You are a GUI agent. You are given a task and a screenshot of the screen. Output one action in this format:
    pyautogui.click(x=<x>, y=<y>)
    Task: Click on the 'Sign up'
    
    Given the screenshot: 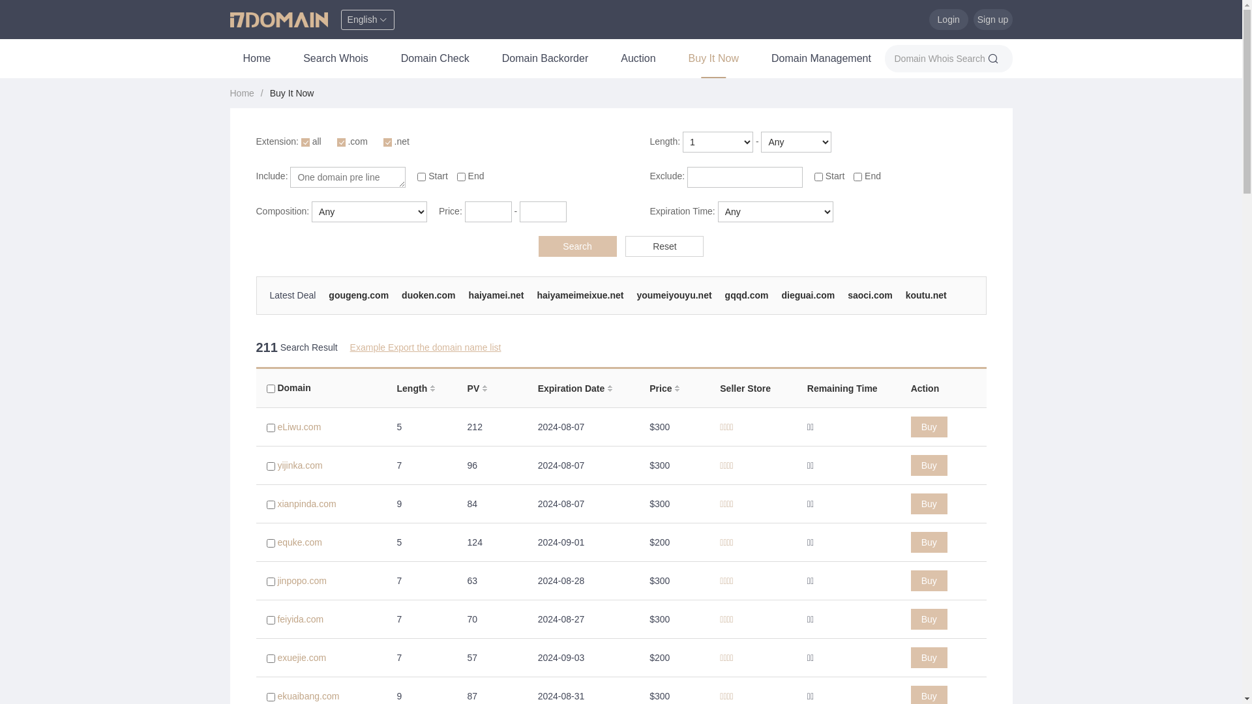 What is the action you would take?
    pyautogui.click(x=991, y=20)
    